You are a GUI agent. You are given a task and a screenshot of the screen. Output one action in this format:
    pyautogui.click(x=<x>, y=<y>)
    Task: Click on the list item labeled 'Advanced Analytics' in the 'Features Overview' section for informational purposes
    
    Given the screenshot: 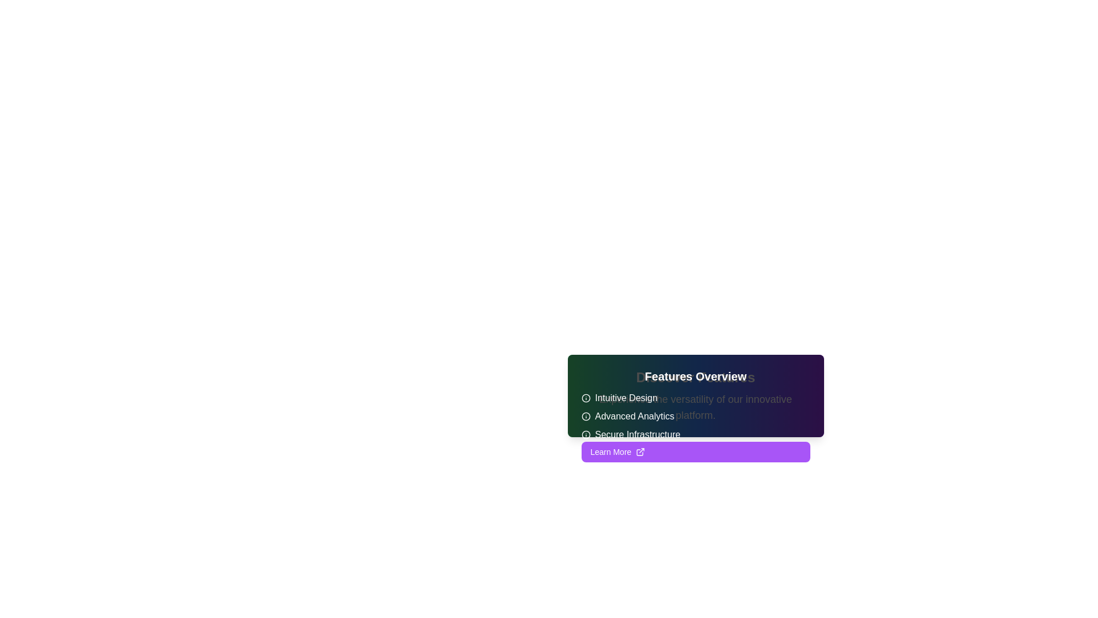 What is the action you would take?
    pyautogui.click(x=695, y=417)
    